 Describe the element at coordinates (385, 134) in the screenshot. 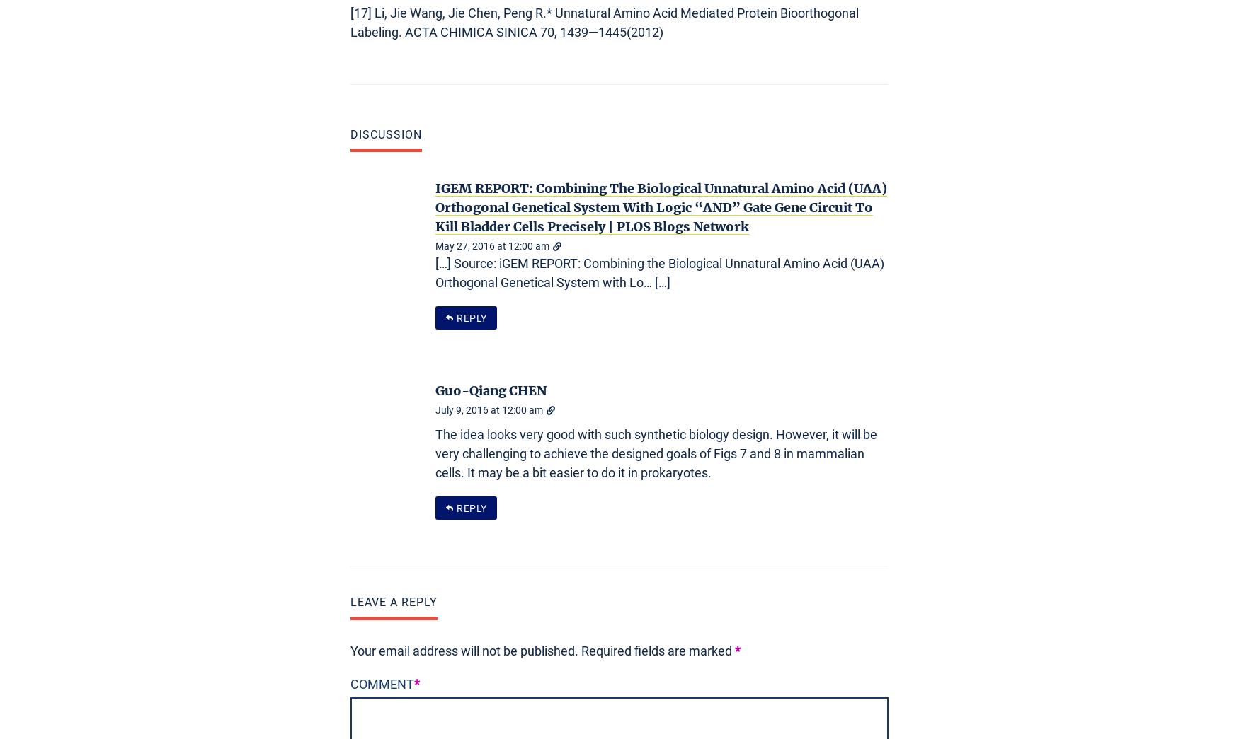

I see `'Discussion'` at that location.